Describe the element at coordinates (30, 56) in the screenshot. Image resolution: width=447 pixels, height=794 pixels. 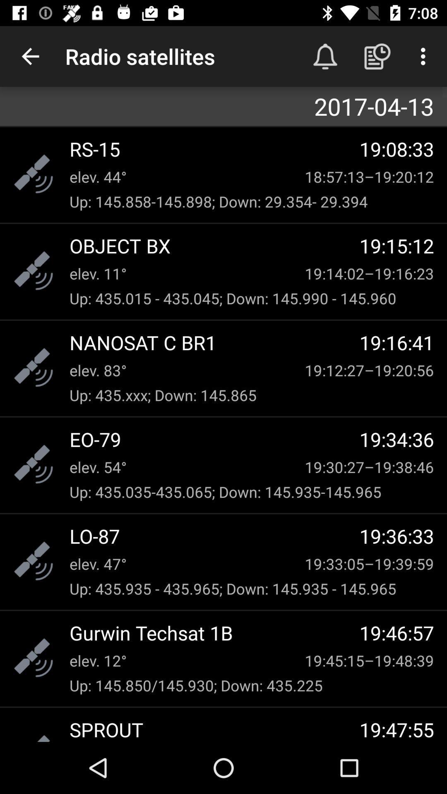
I see `icon above the 2017-04-13` at that location.